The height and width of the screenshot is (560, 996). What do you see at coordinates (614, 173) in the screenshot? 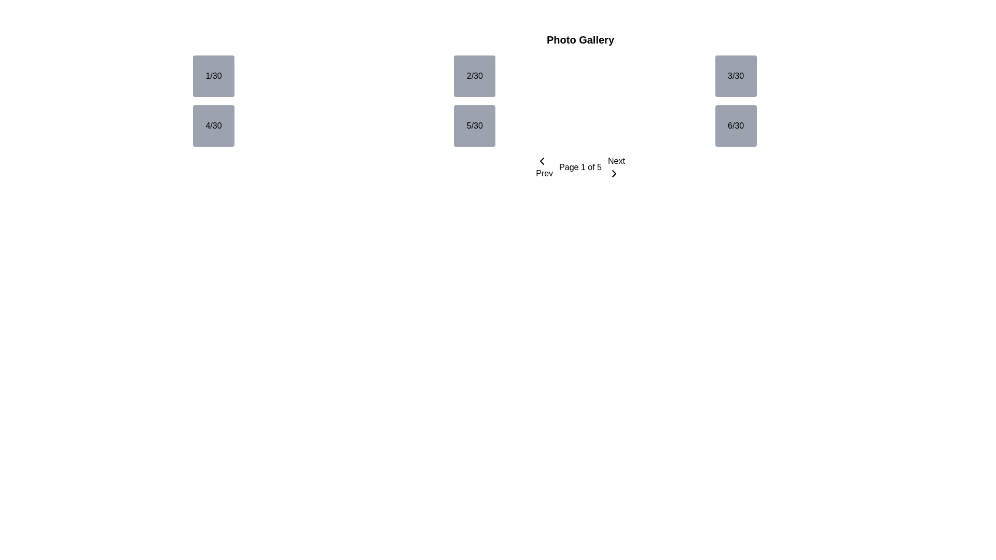
I see `the rightward-pointing chevron icon, which is part of the navigation control located at the bottom-center of the interface, next to the 'Next' label` at bounding box center [614, 173].